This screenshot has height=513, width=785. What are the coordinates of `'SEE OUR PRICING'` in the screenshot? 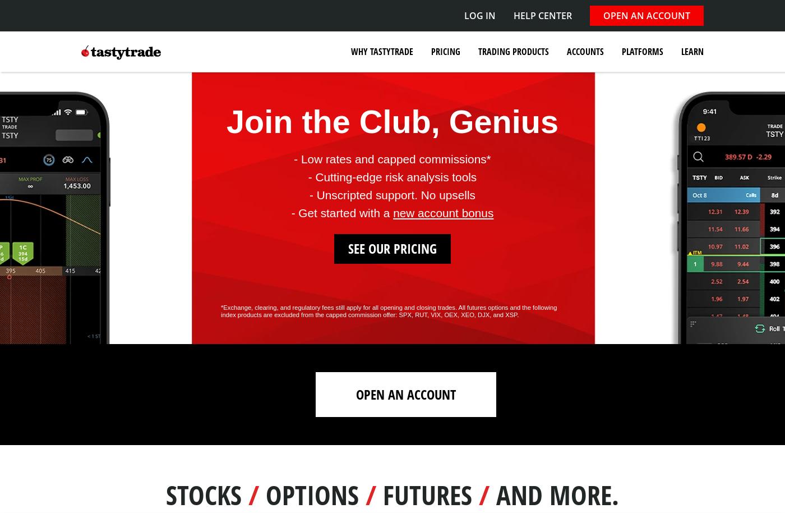 It's located at (392, 247).